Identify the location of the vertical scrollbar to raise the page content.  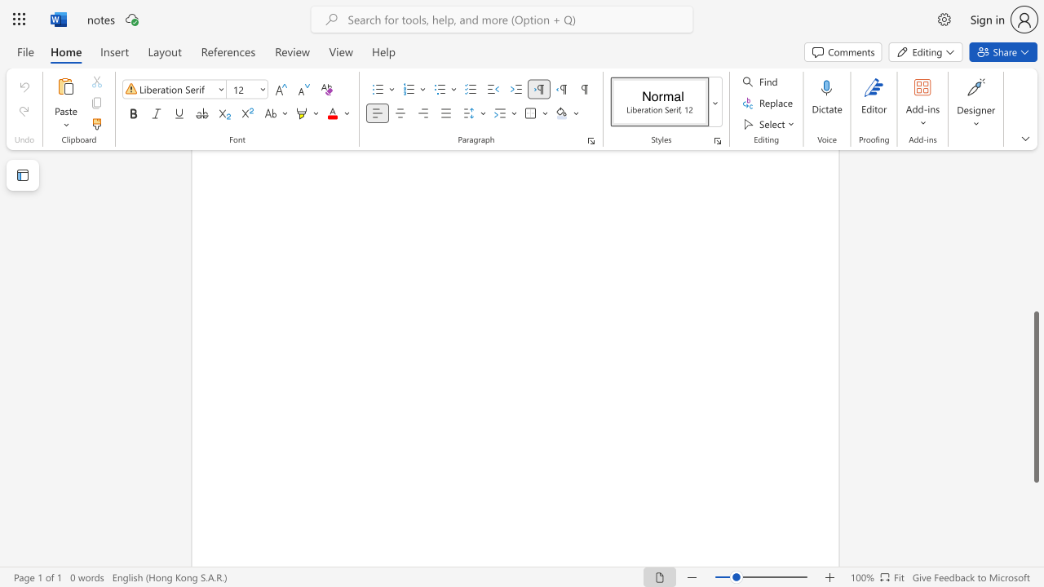
(1035, 293).